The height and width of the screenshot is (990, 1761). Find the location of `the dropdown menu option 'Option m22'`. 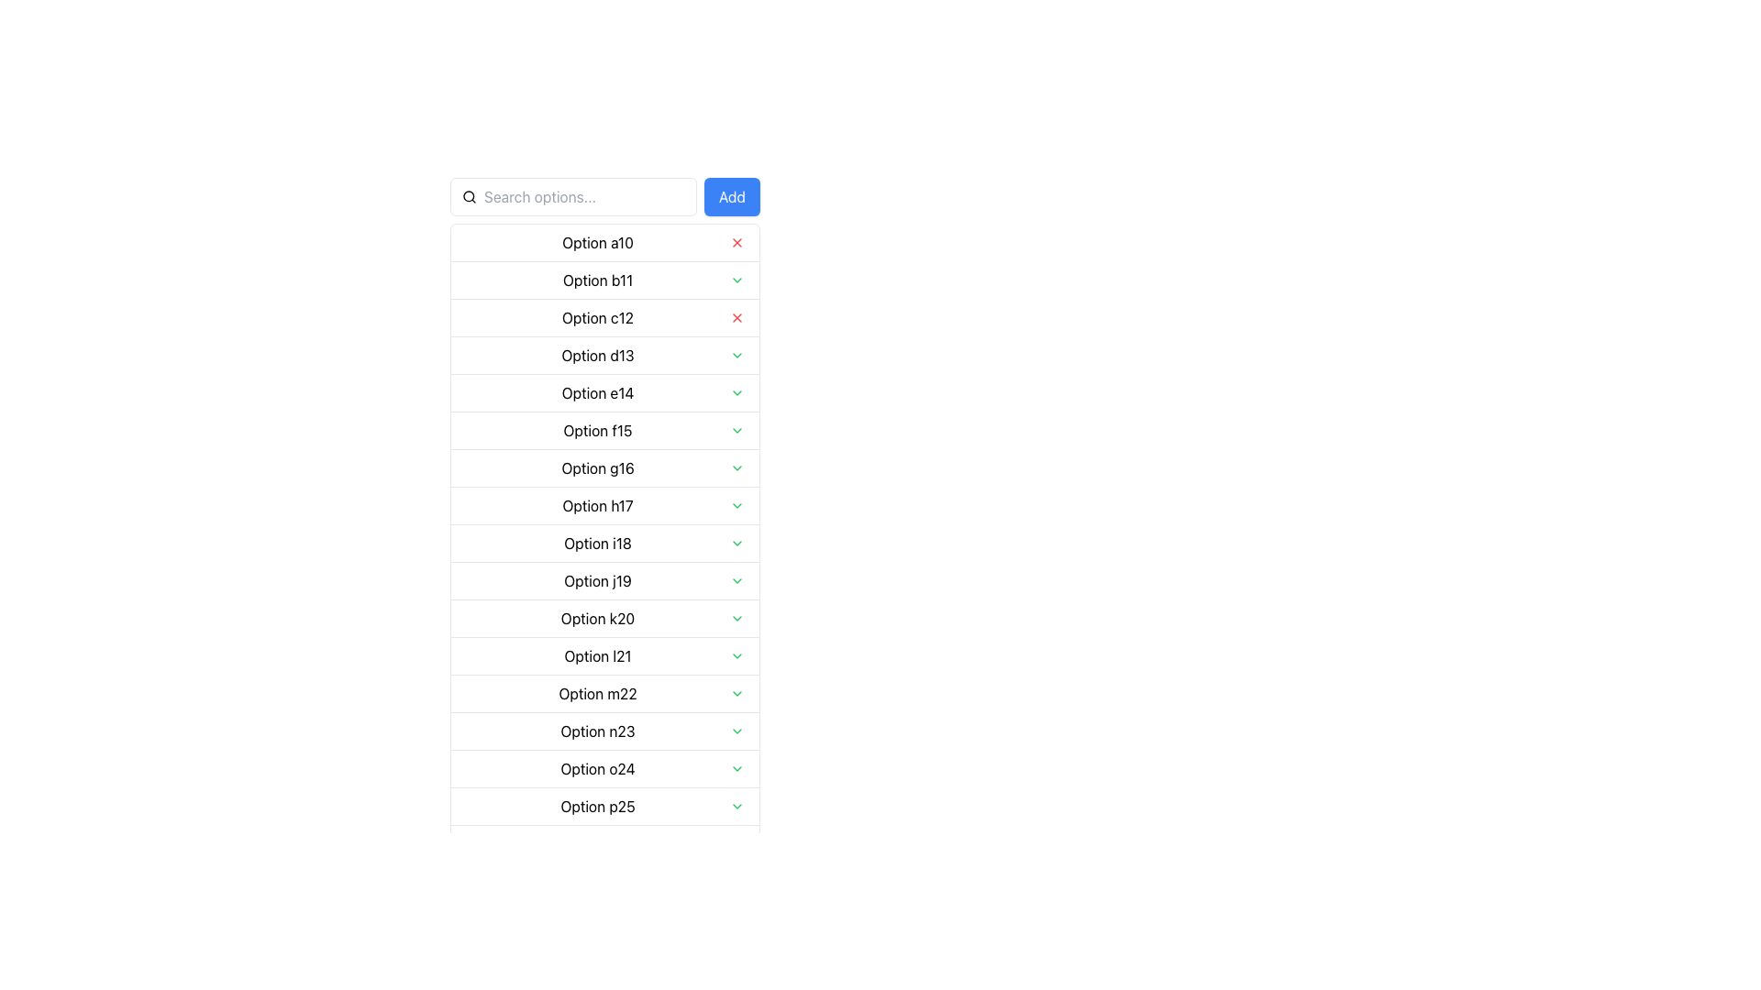

the dropdown menu option 'Option m22' is located at coordinates (598, 693).